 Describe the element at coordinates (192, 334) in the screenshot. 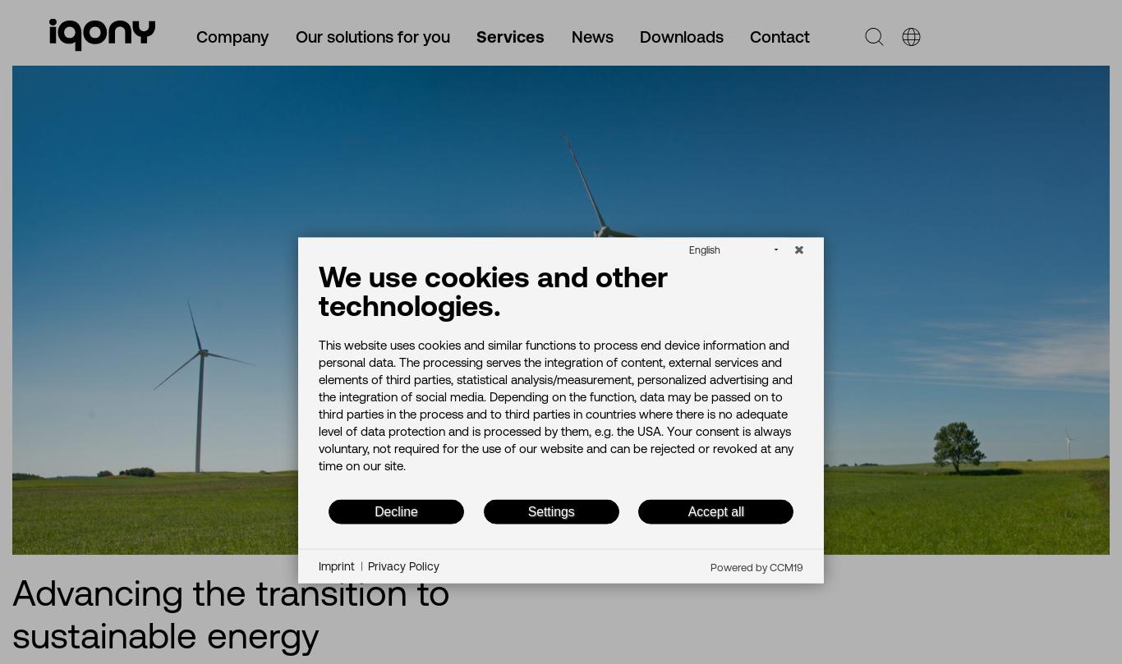

I see `'Our solutions for the housing industry'` at that location.